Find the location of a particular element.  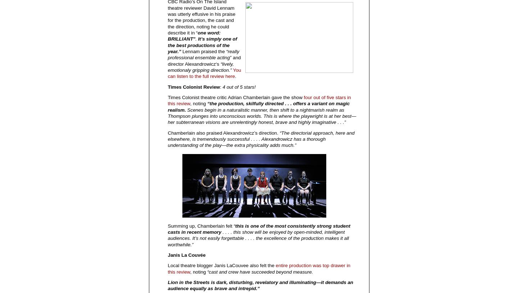

'” and director Alexandrowicz‘s' is located at coordinates (204, 60).